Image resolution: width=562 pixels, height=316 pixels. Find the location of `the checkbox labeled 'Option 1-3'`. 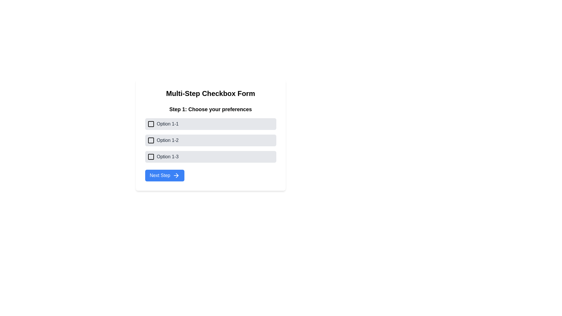

the checkbox labeled 'Option 1-3' is located at coordinates (210, 157).